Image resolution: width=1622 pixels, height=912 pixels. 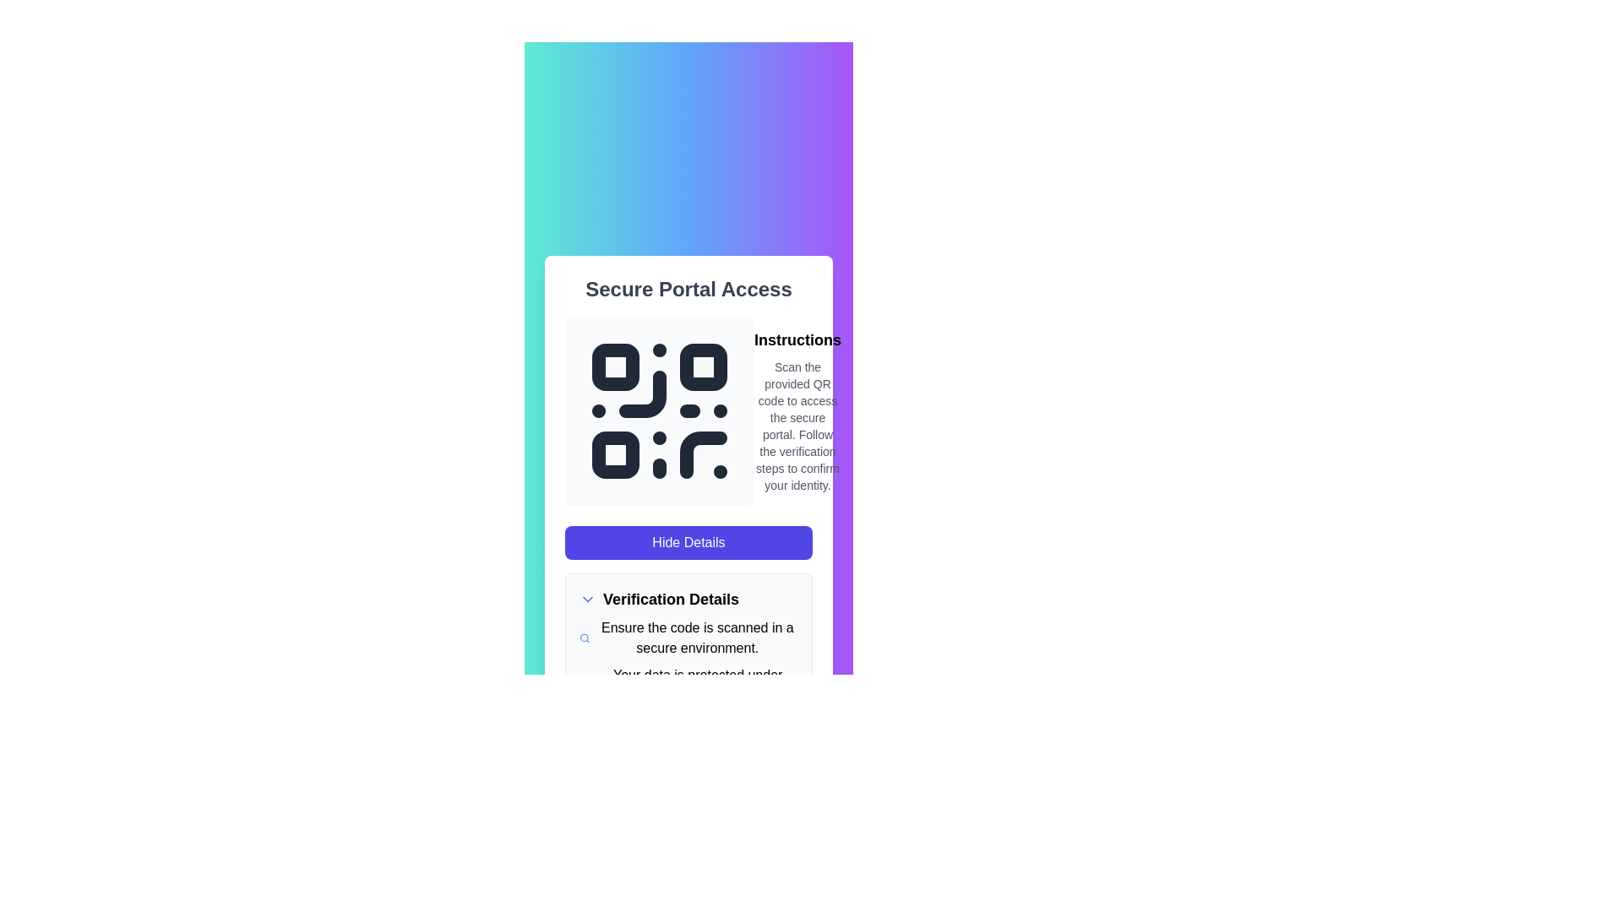 I want to click on the header text label located in the top-right corner of the section, which indicates content or instructions related to the QR code and descriptive text, so click(x=797, y=339).